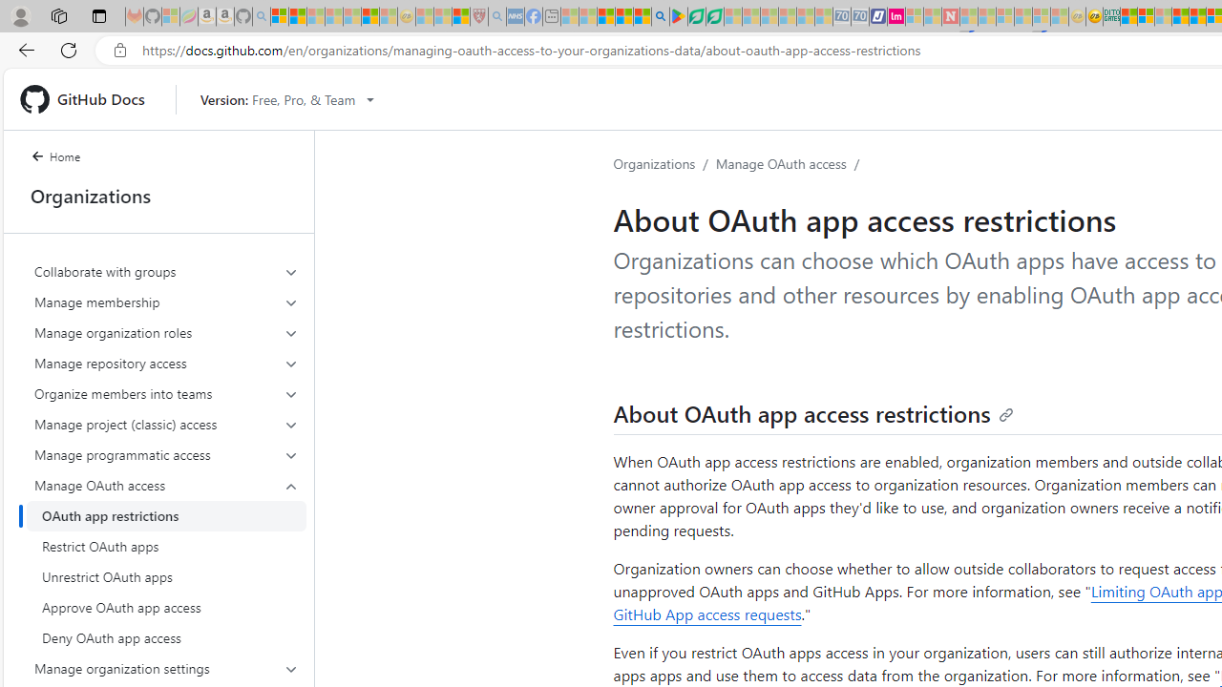  I want to click on 'Manage project (classic) access', so click(166, 423).